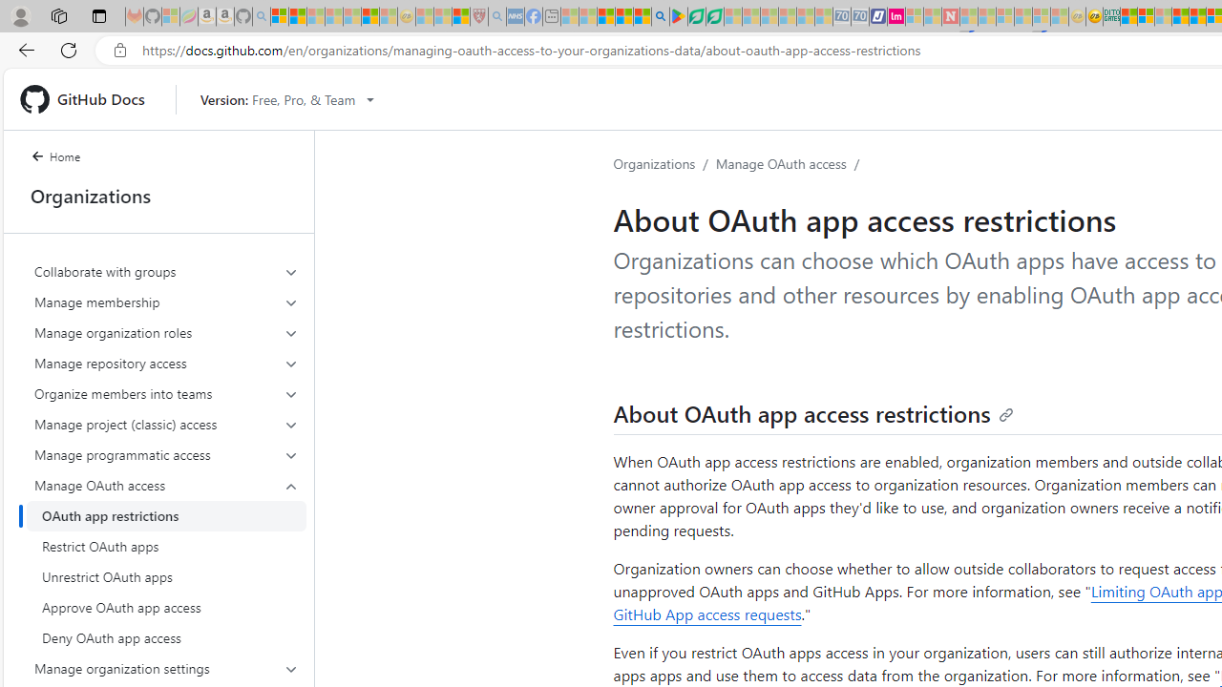  I want to click on 'Manage project (classic) access', so click(166, 423).